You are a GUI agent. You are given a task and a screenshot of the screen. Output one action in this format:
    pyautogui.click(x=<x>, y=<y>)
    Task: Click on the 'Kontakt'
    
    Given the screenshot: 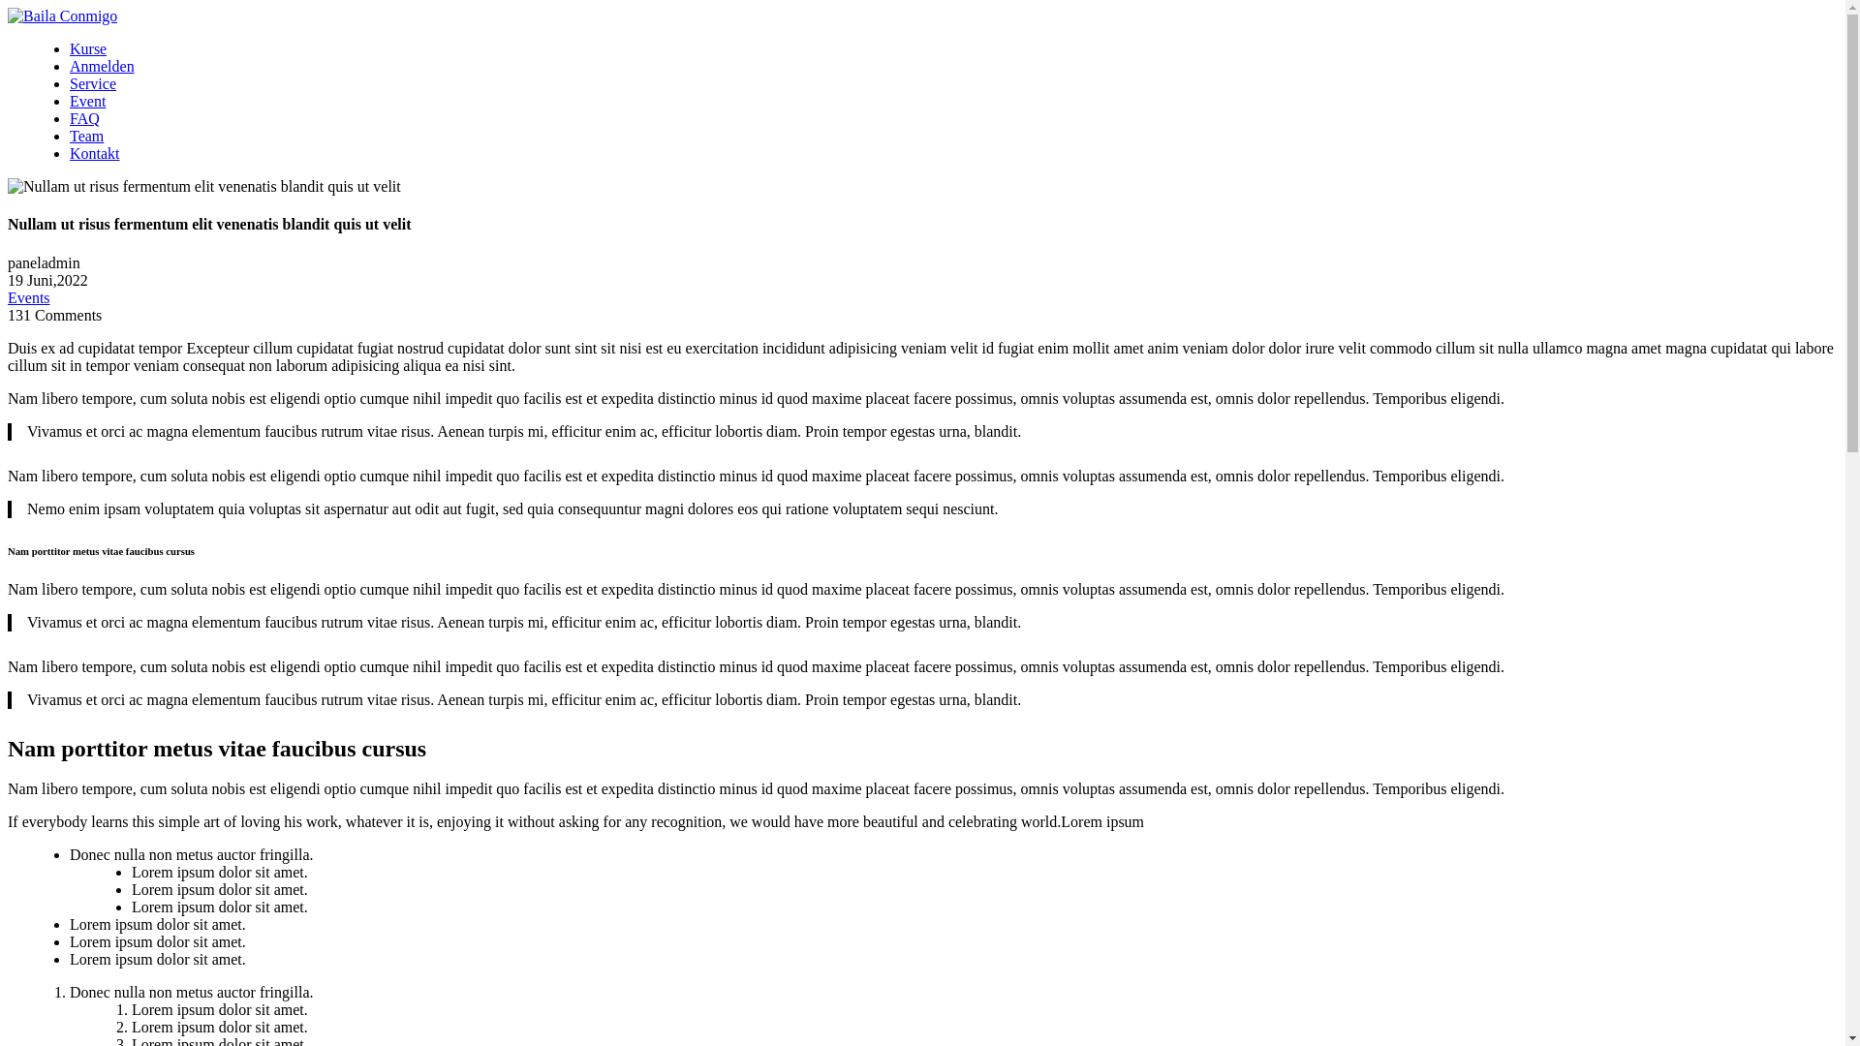 What is the action you would take?
    pyautogui.click(x=93, y=152)
    